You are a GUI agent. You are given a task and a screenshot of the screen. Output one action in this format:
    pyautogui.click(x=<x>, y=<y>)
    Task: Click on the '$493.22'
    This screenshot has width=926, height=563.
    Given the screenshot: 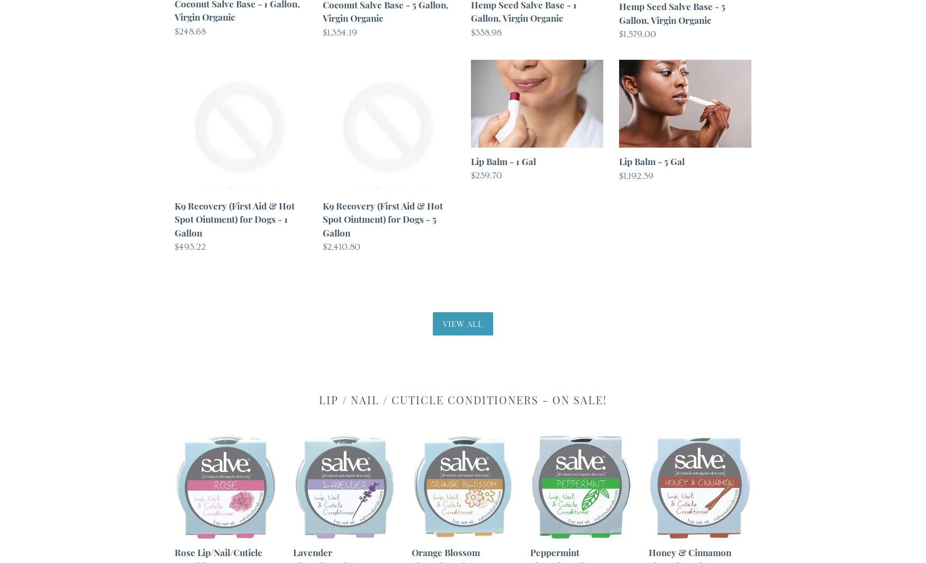 What is the action you would take?
    pyautogui.click(x=175, y=247)
    